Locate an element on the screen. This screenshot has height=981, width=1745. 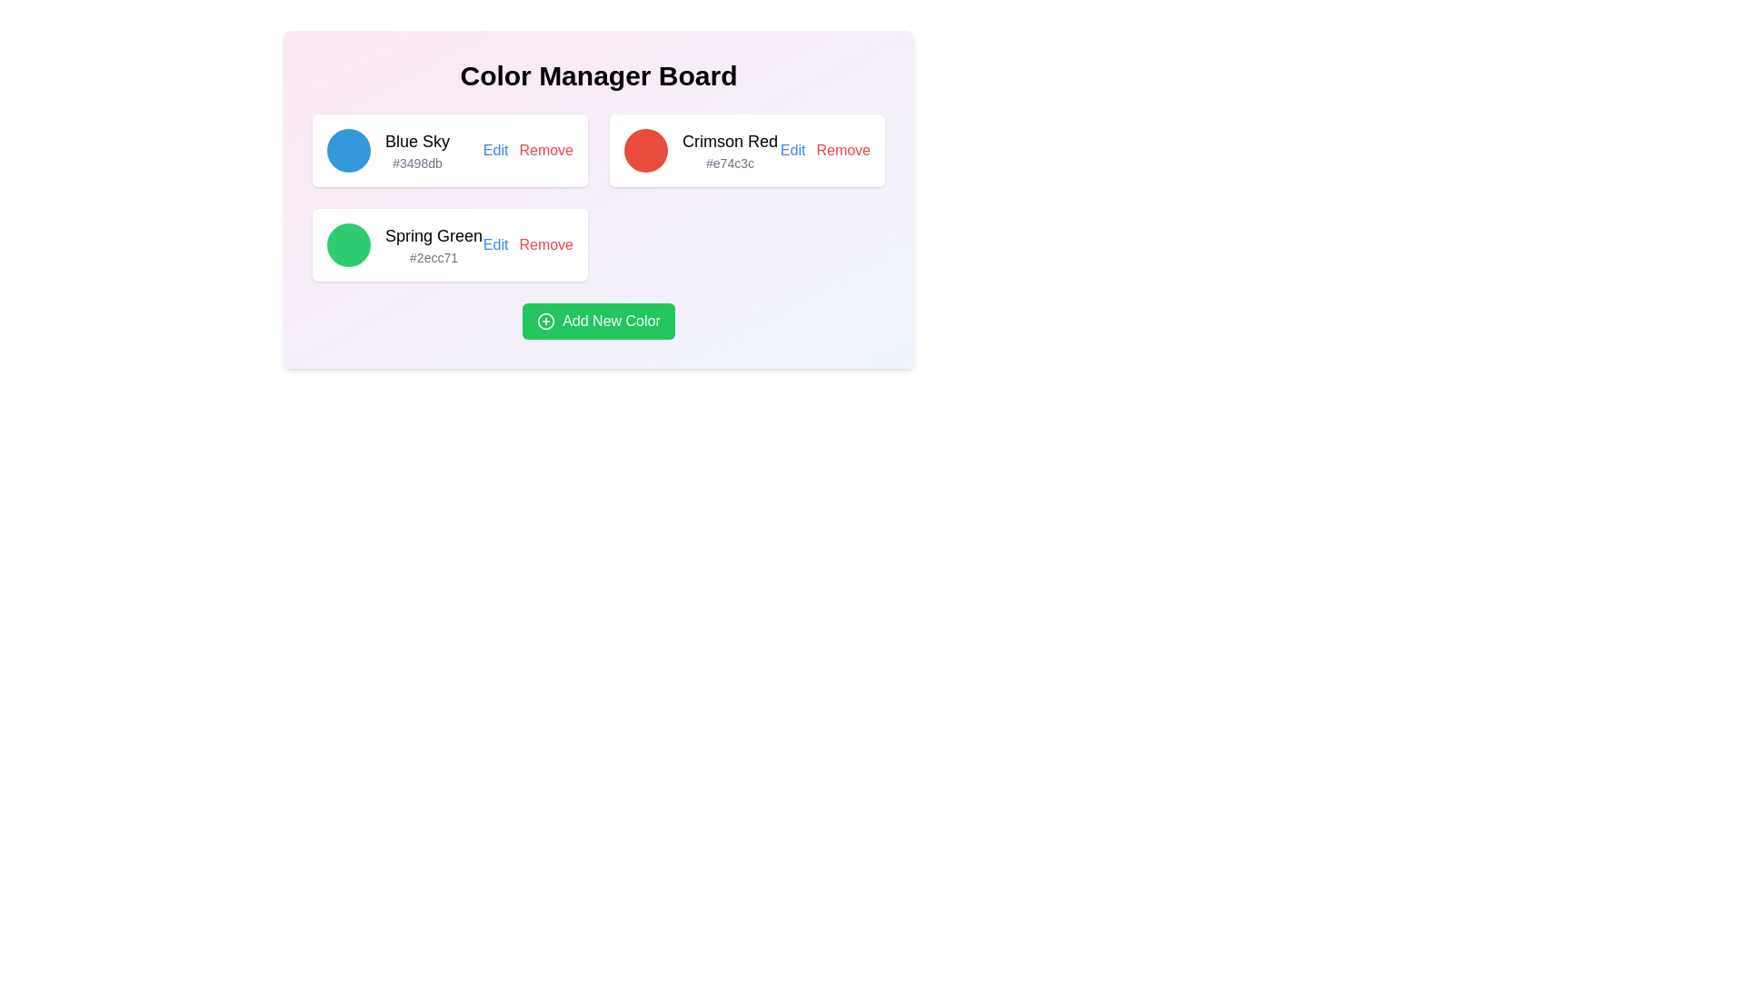
the circular graphic icon styled as an outline that resembles a plus symbol within a circle, which is part of the 'Add New Color' button is located at coordinates (545, 321).